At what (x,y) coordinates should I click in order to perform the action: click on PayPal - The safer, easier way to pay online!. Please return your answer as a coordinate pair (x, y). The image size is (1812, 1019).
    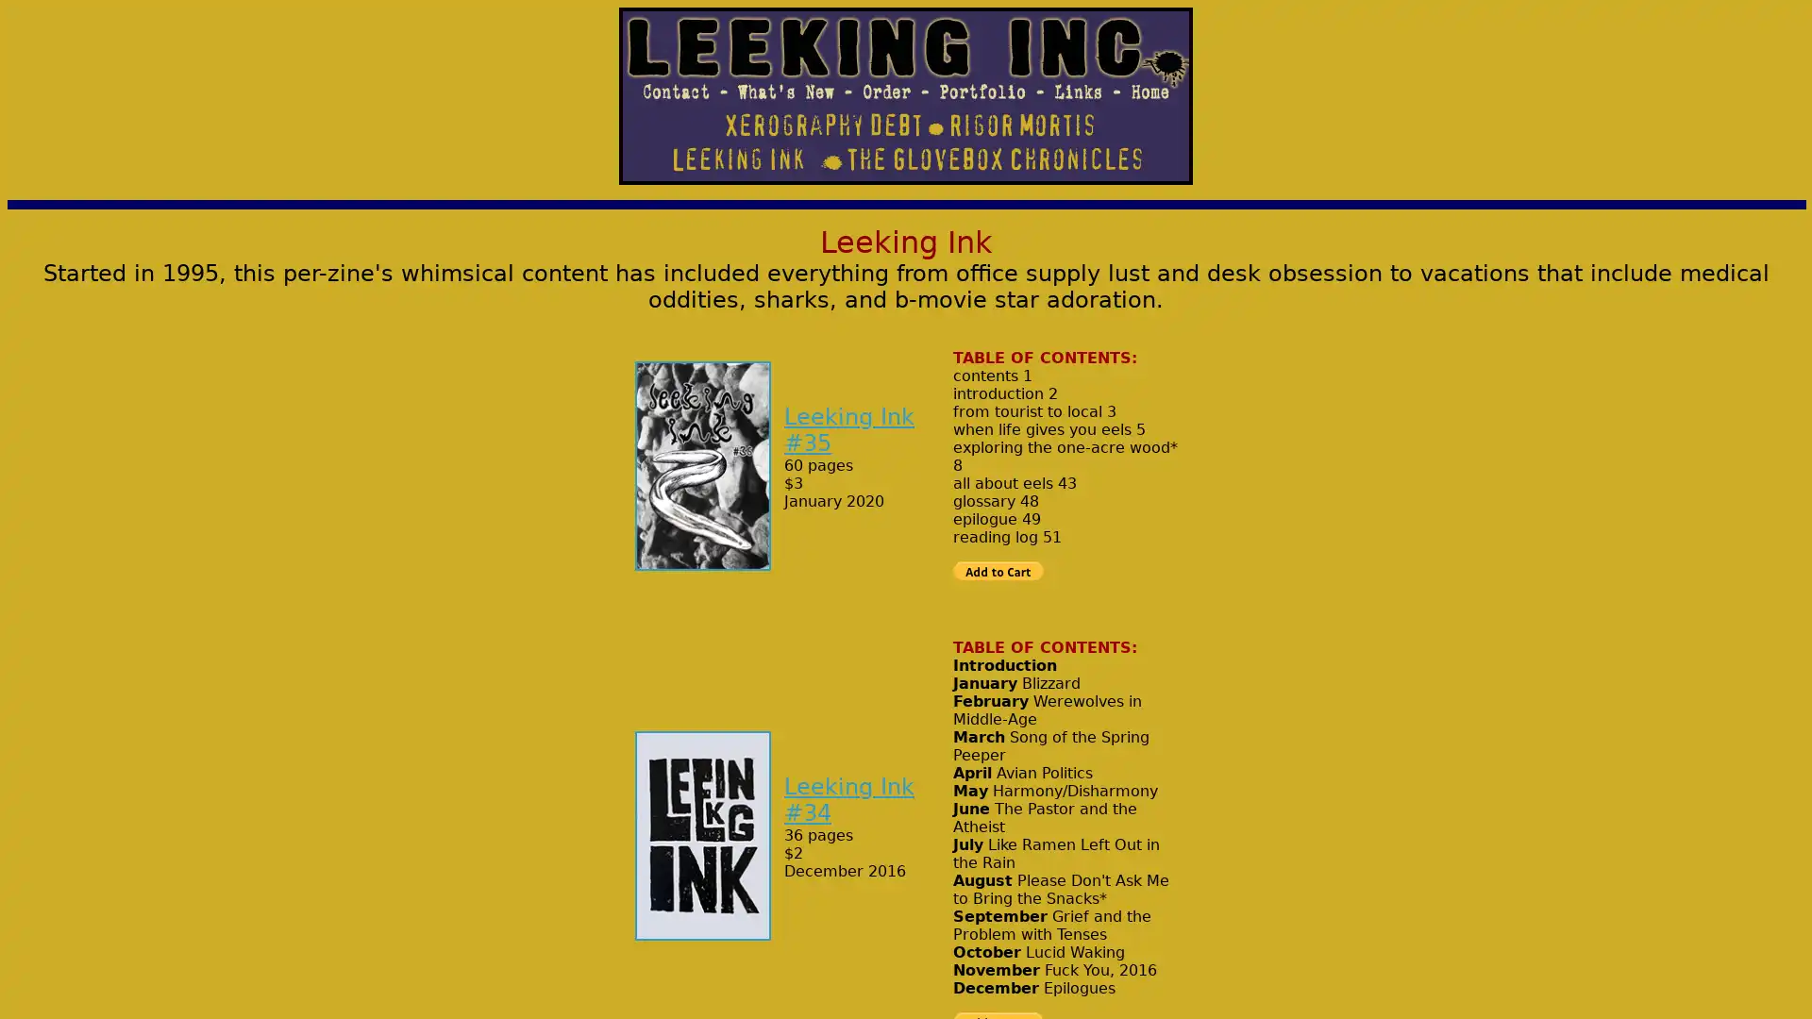
    Looking at the image, I should click on (997, 570).